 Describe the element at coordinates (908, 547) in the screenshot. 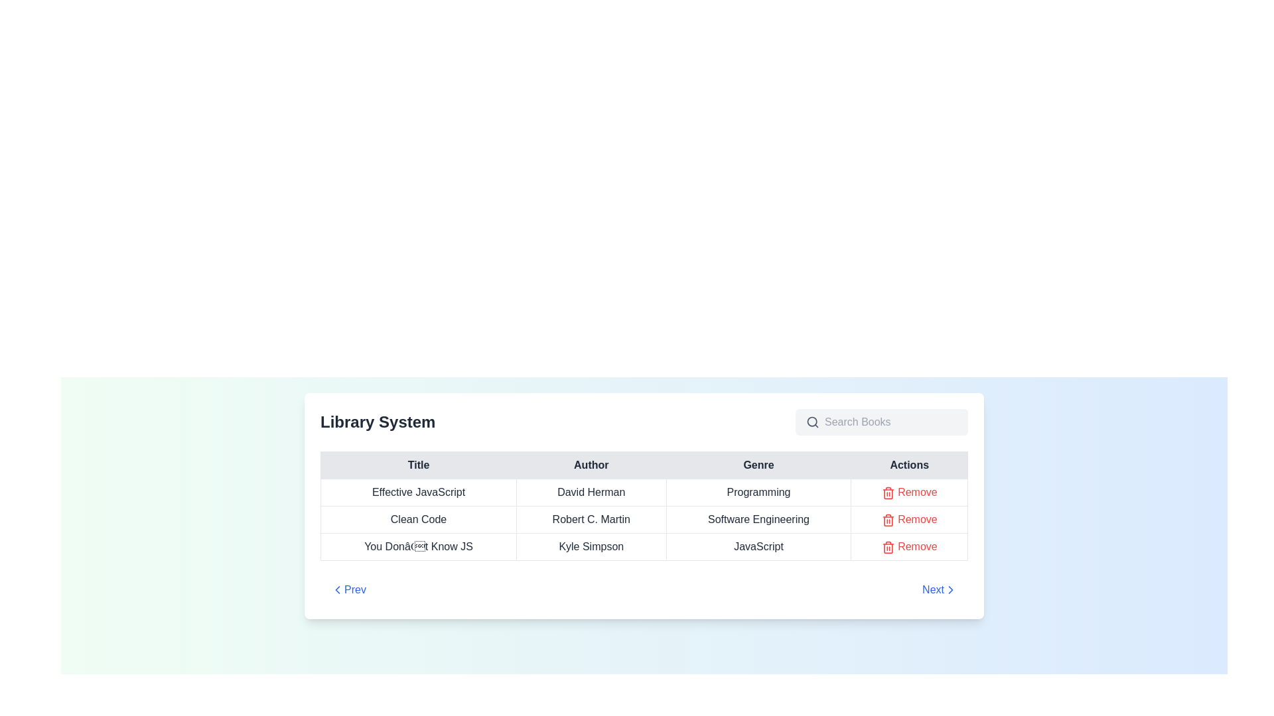

I see `the remove button in the third row of the 'Actions' column, corresponding to Kyle Simpson's entry in the JavaScript genre` at that location.